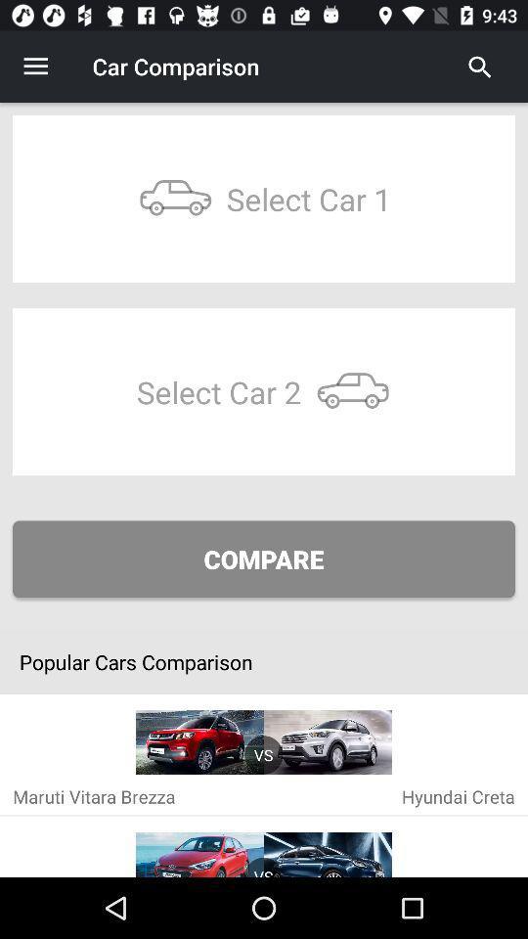  I want to click on compare icon, so click(264, 559).